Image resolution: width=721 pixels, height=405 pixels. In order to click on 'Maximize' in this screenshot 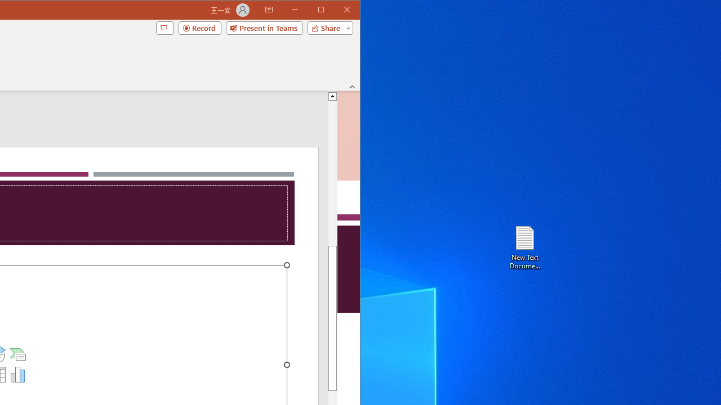, I will do `click(337, 11)`.